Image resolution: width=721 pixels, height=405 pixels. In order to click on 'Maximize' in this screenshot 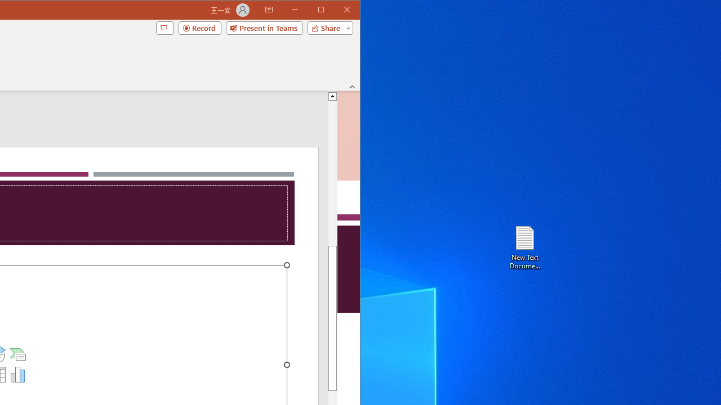, I will do `click(337, 11)`.